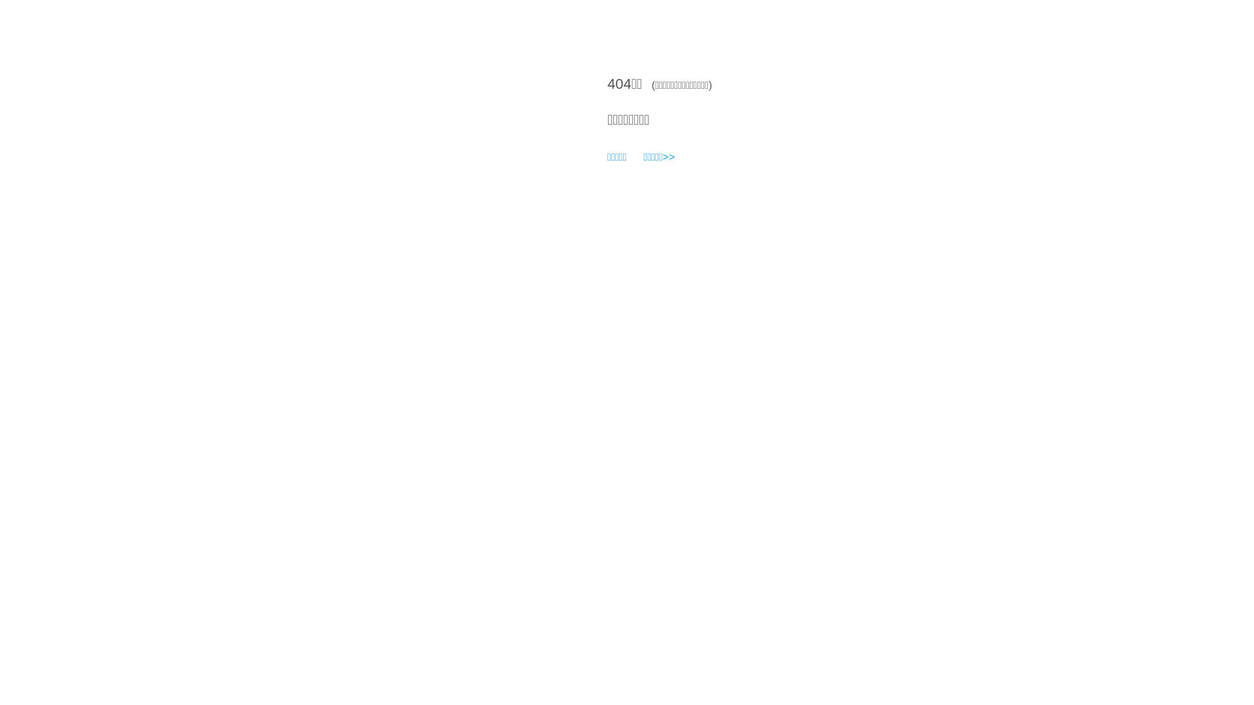  Describe the element at coordinates (619, 84) in the screenshot. I see `'404'` at that location.